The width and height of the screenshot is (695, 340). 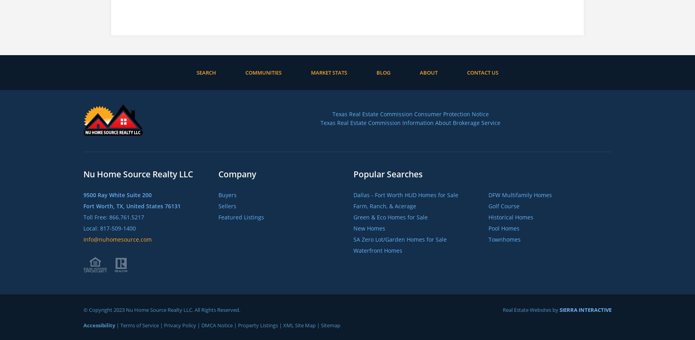 What do you see at coordinates (257, 325) in the screenshot?
I see `'Property Listings'` at bounding box center [257, 325].